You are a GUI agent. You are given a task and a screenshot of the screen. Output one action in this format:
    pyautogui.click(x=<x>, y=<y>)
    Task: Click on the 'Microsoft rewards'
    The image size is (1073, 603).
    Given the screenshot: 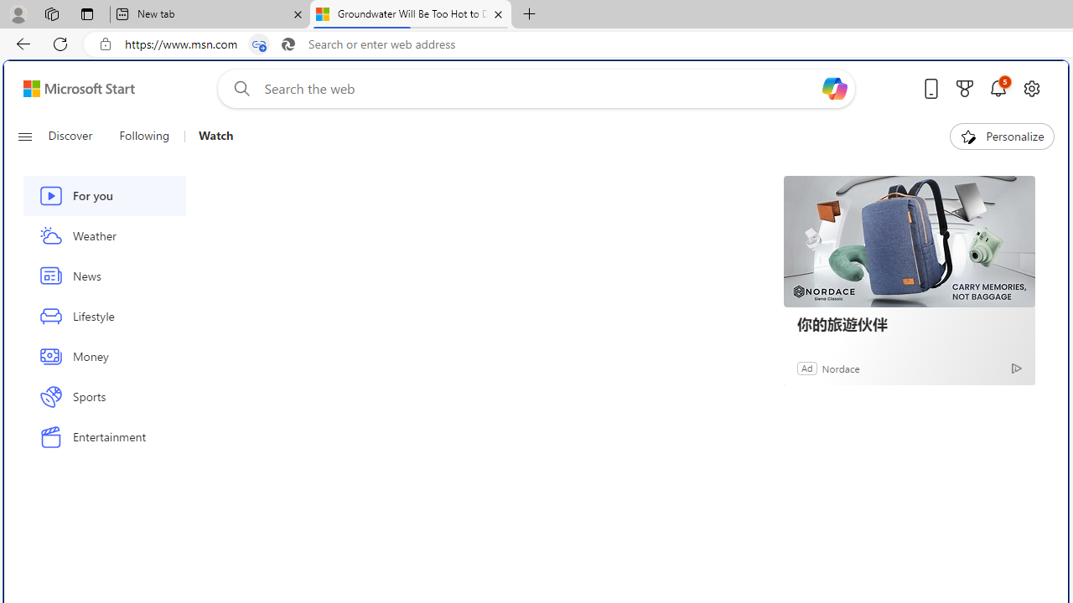 What is the action you would take?
    pyautogui.click(x=965, y=88)
    